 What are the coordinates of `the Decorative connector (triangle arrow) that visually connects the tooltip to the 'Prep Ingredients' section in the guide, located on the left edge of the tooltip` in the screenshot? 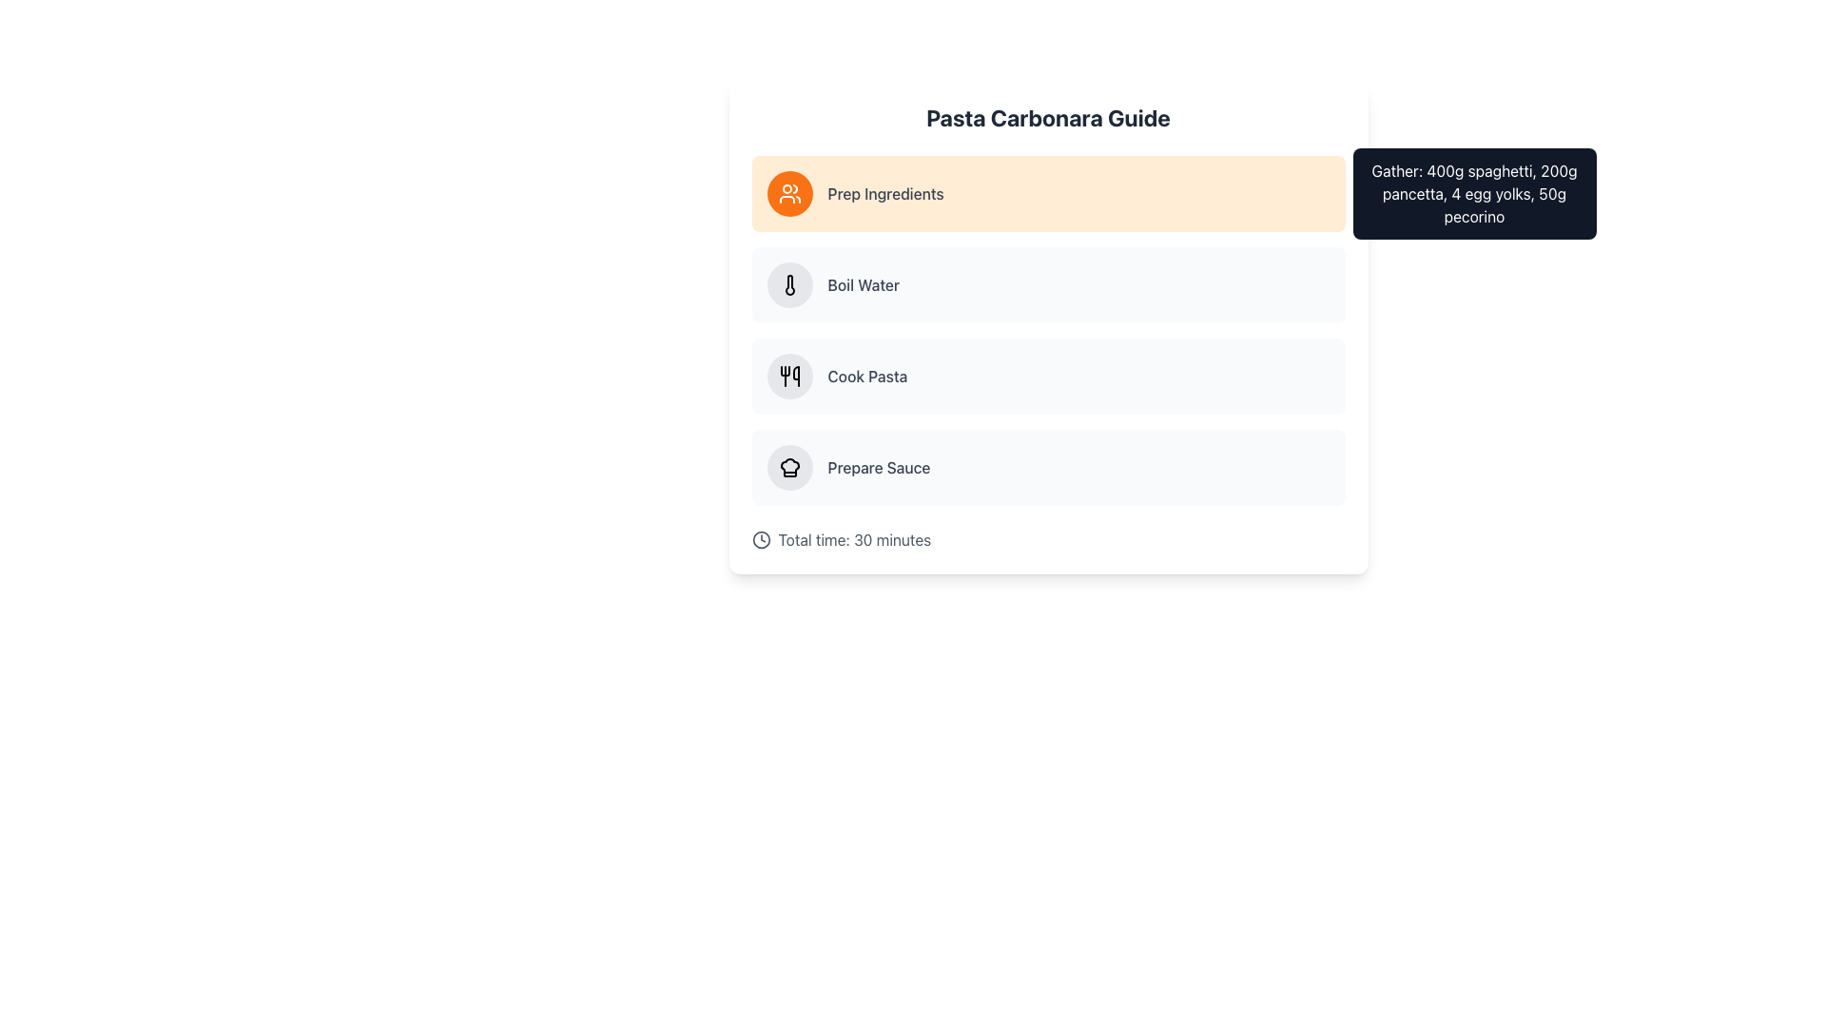 It's located at (1355, 194).